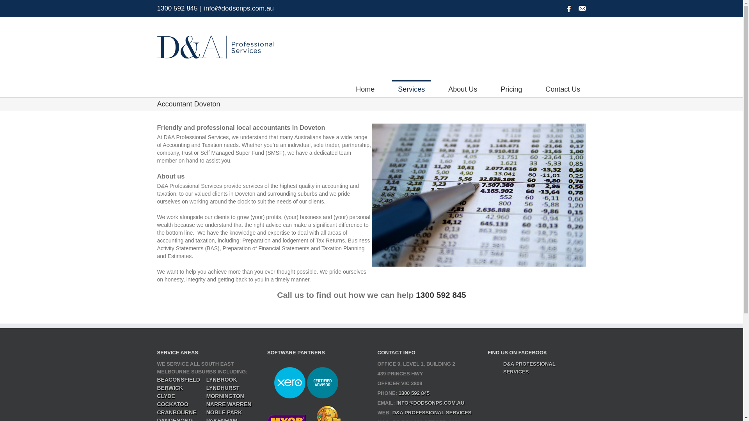 This screenshot has width=749, height=421. What do you see at coordinates (224, 412) in the screenshot?
I see `'NOBLE PARK'` at bounding box center [224, 412].